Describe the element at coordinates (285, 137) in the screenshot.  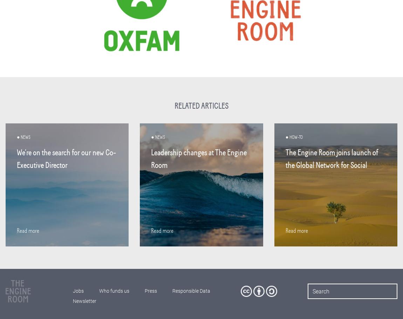
I see `'● How-to'` at that location.